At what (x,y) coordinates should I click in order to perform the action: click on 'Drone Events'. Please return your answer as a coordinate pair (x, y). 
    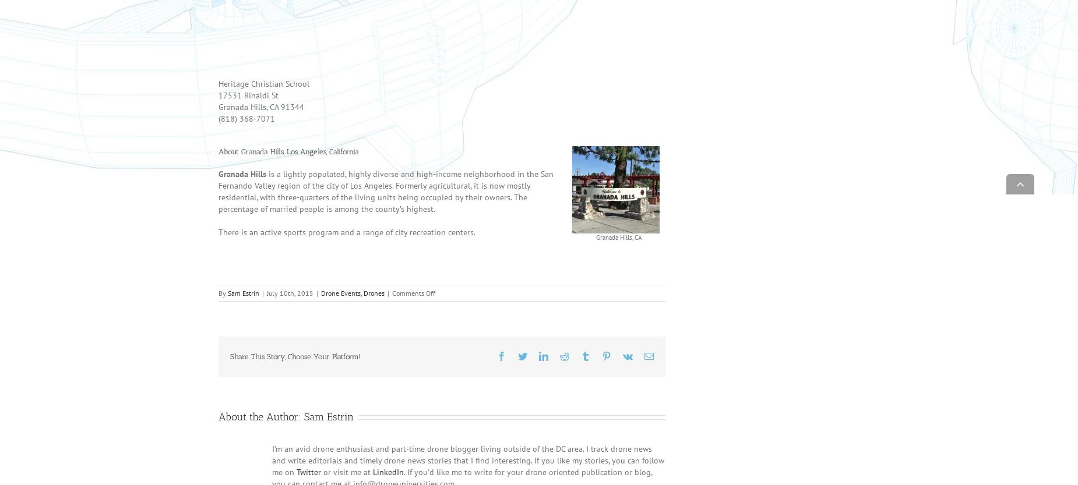
    Looking at the image, I should click on (340, 309).